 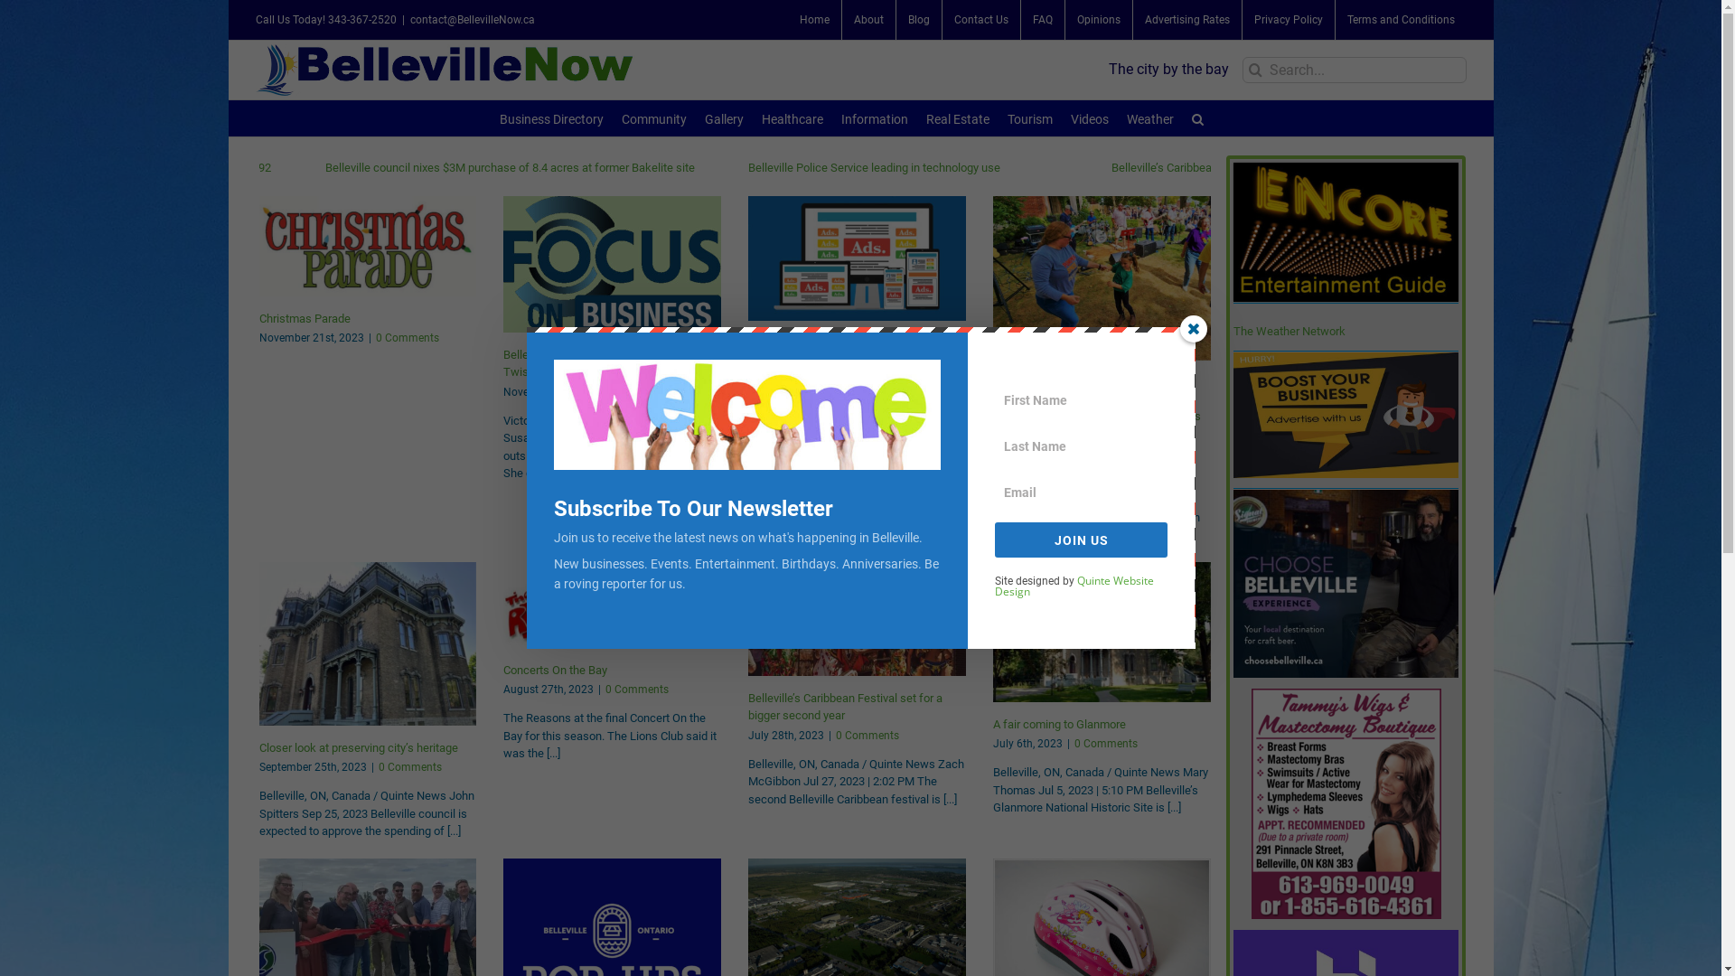 I want to click on 'Business Directory', so click(x=550, y=117).